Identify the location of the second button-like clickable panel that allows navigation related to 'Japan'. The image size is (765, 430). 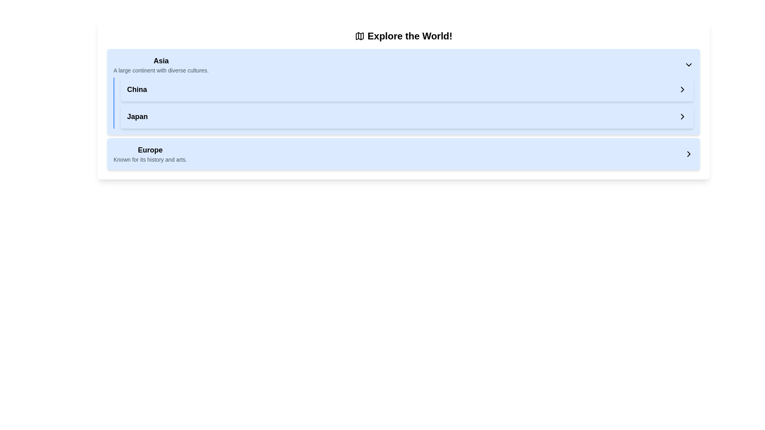
(407, 117).